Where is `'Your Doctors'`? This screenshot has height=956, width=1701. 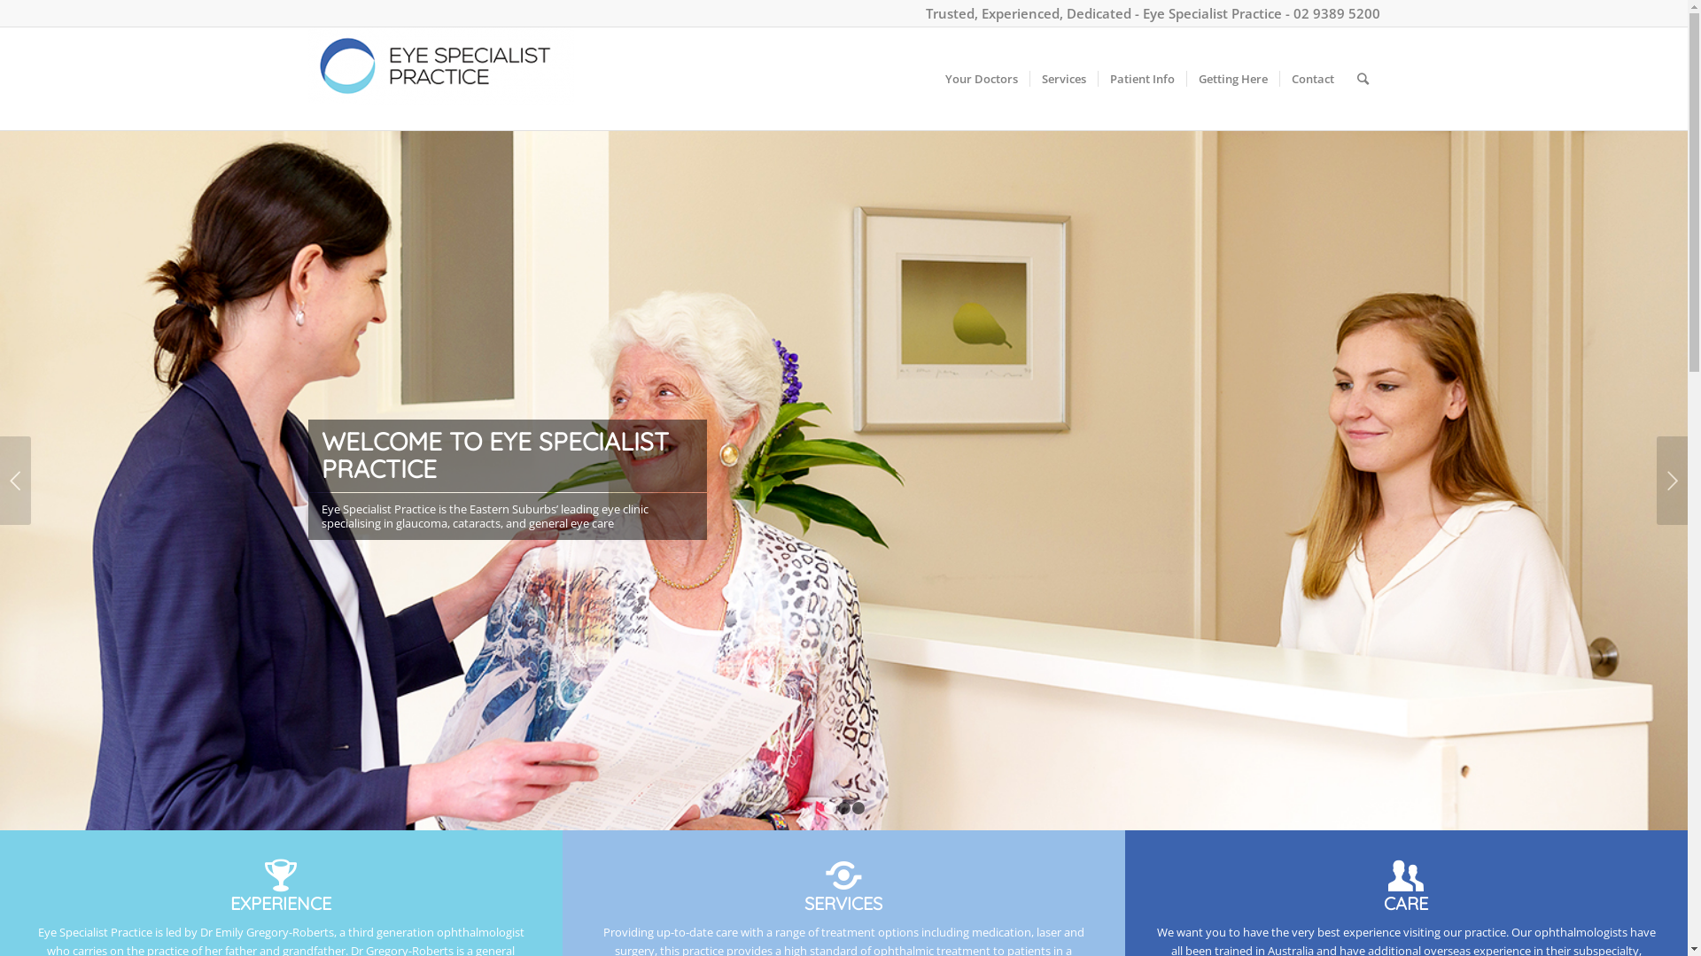 'Your Doctors' is located at coordinates (981, 77).